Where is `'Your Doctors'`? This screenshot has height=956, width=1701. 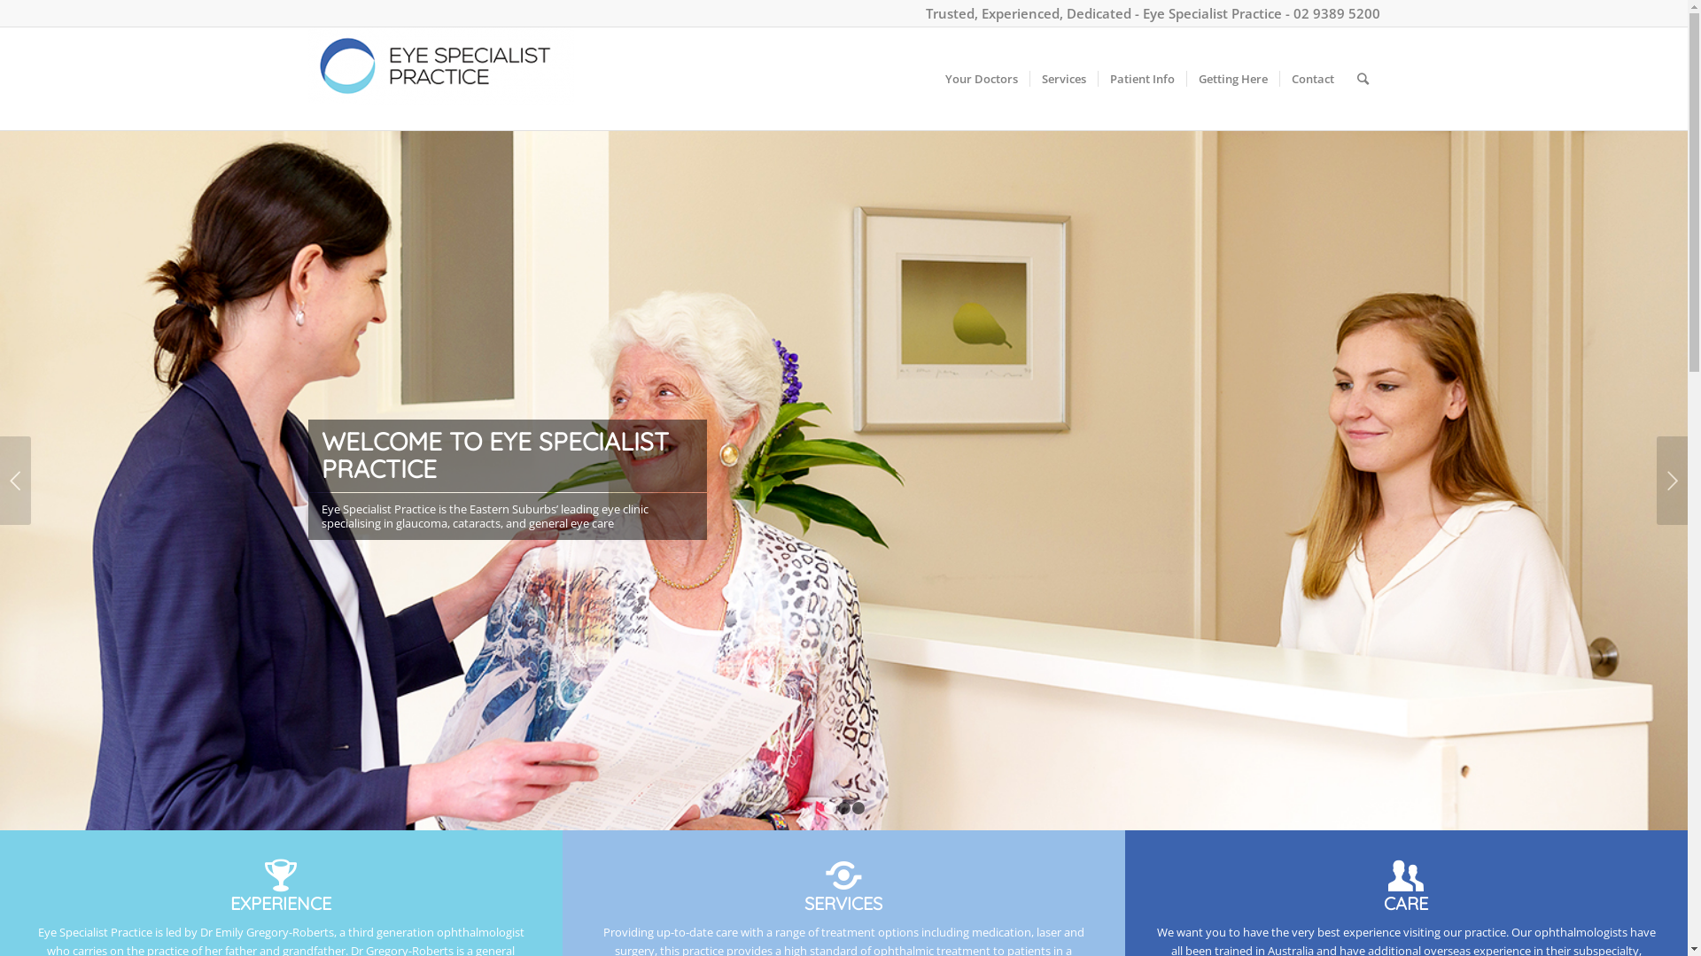 'Your Doctors' is located at coordinates (981, 77).